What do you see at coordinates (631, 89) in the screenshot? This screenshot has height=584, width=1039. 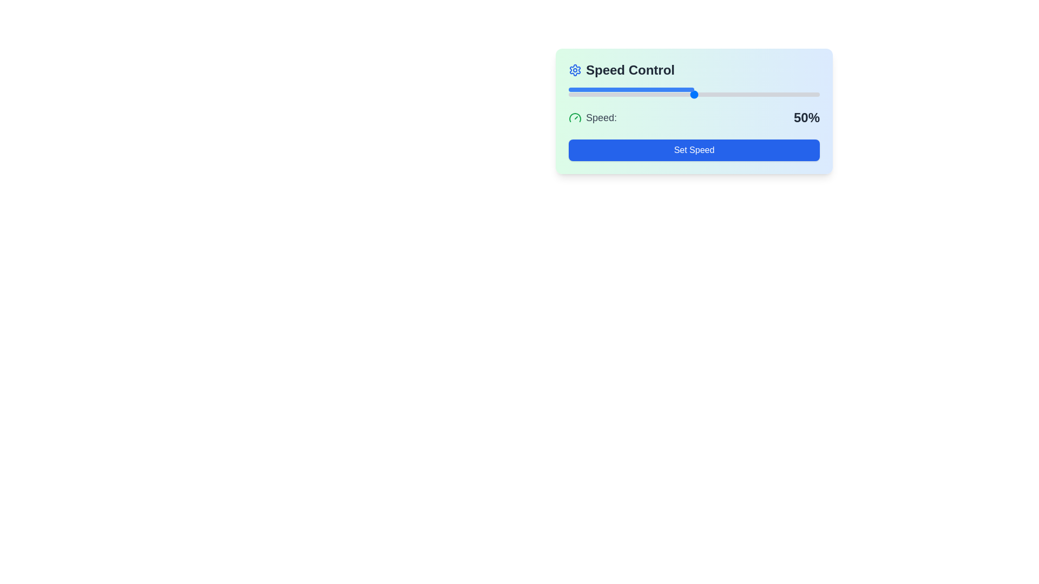 I see `the blue progress bar segment within the 'Speed Control' card` at bounding box center [631, 89].